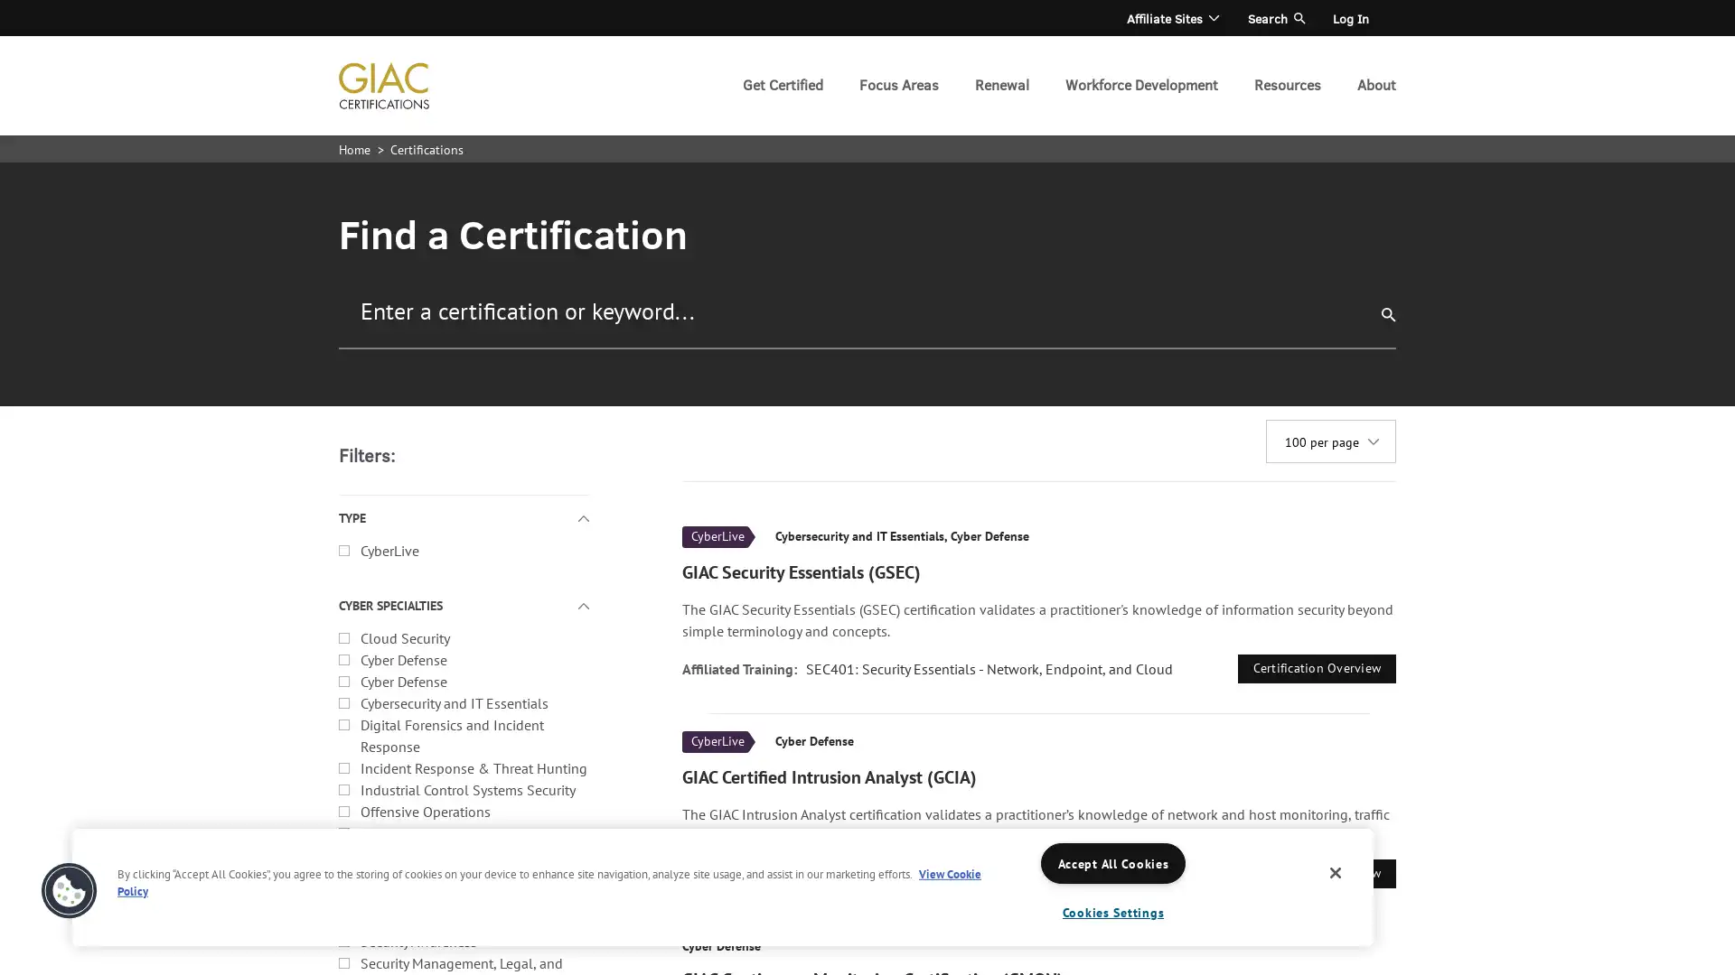 The width and height of the screenshot is (1735, 975). Describe the element at coordinates (1112, 912) in the screenshot. I see `Cookies Settings` at that location.